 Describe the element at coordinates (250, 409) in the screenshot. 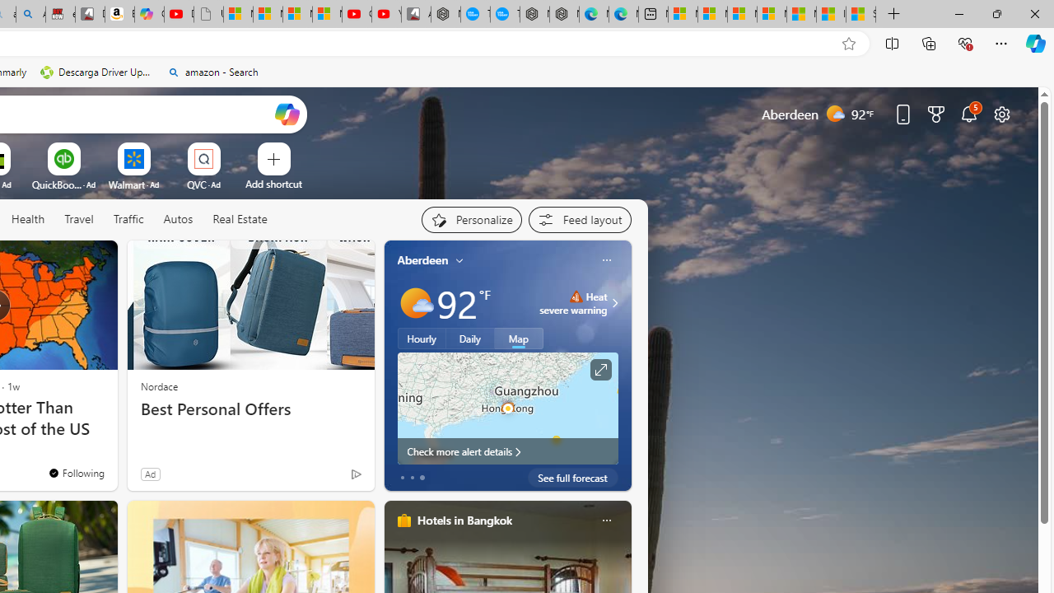

I see `'Best Personal Offers'` at that location.